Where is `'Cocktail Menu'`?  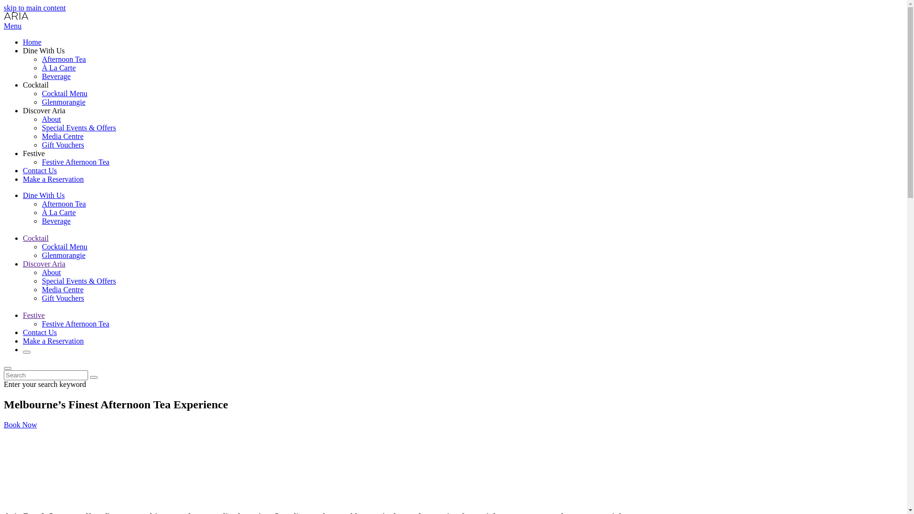 'Cocktail Menu' is located at coordinates (41, 93).